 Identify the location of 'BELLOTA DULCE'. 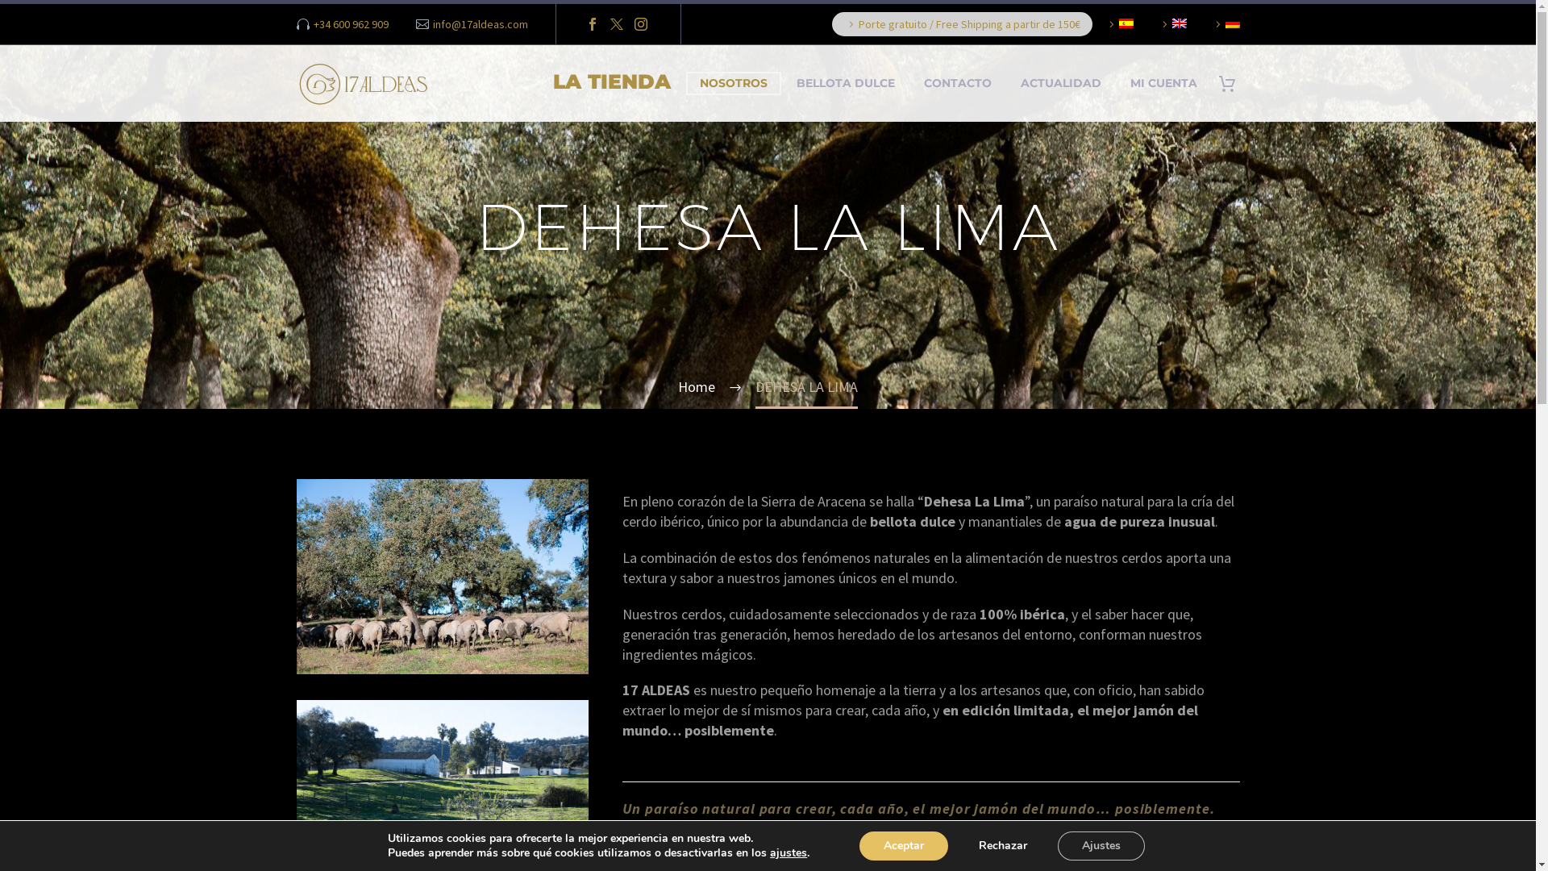
(843, 83).